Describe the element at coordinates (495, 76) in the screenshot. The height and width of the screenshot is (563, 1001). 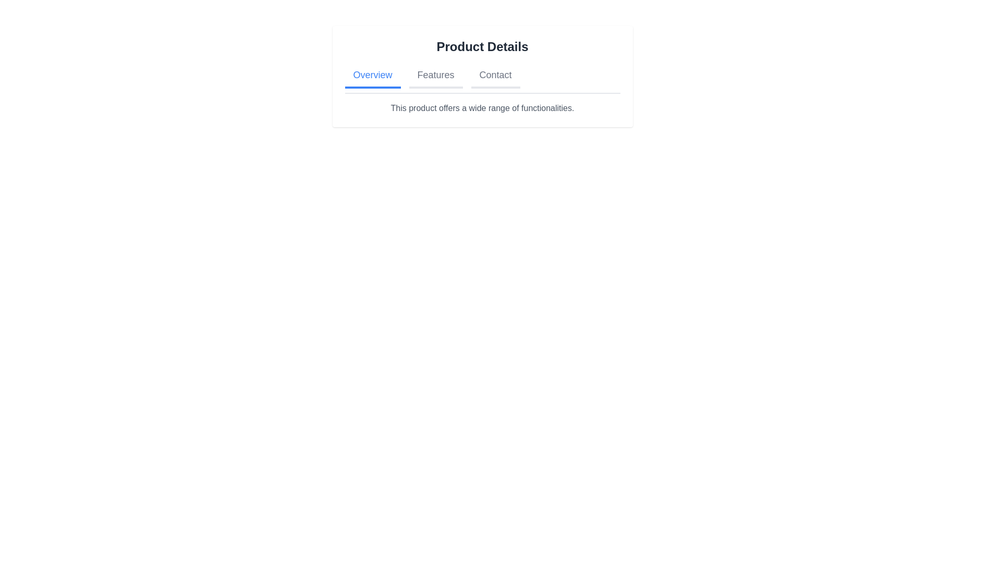
I see `the 'Contact' button-like navigational label in the navigation bar` at that location.